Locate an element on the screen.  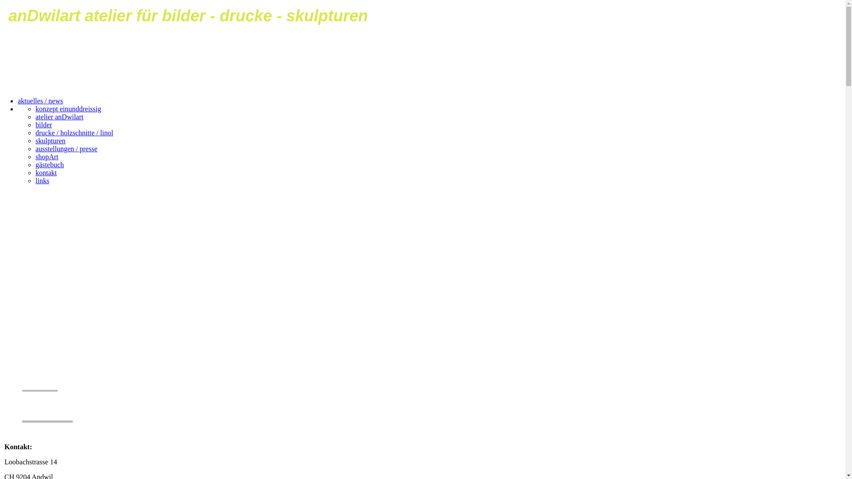
'atelier anDwilart' is located at coordinates (35, 116).